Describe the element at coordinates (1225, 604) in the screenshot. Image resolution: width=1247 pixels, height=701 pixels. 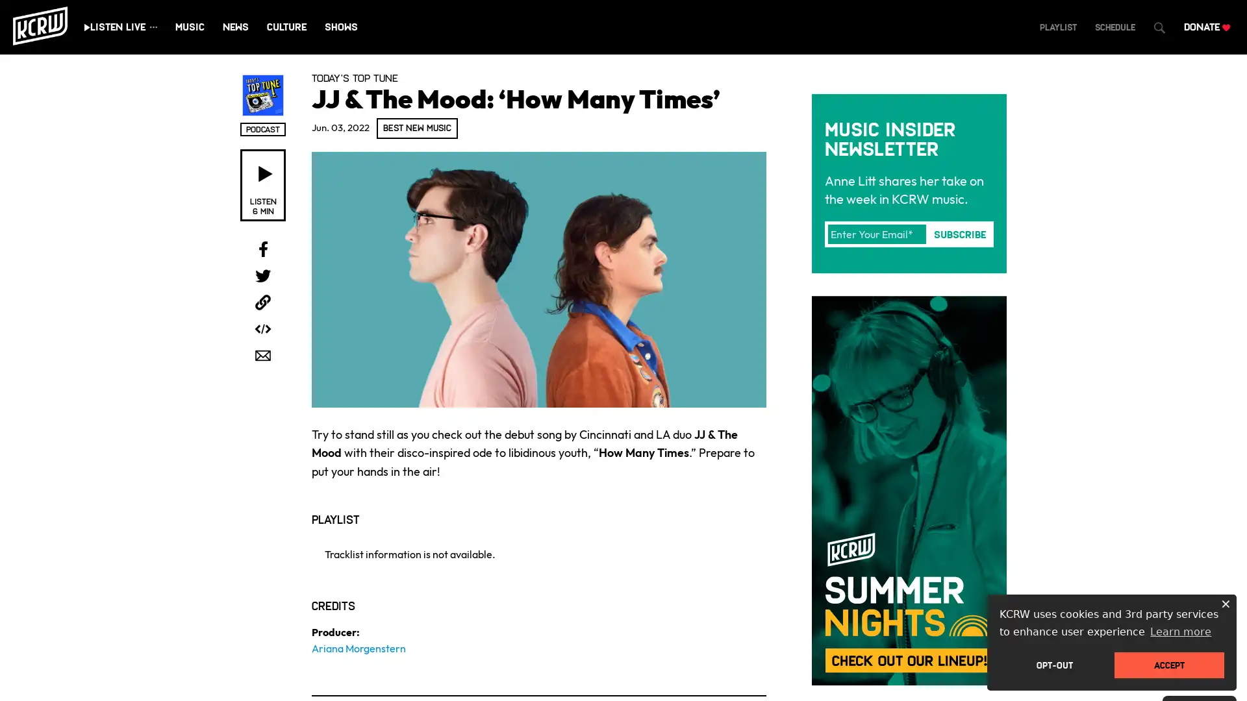
I see `dismiss cookie message` at that location.